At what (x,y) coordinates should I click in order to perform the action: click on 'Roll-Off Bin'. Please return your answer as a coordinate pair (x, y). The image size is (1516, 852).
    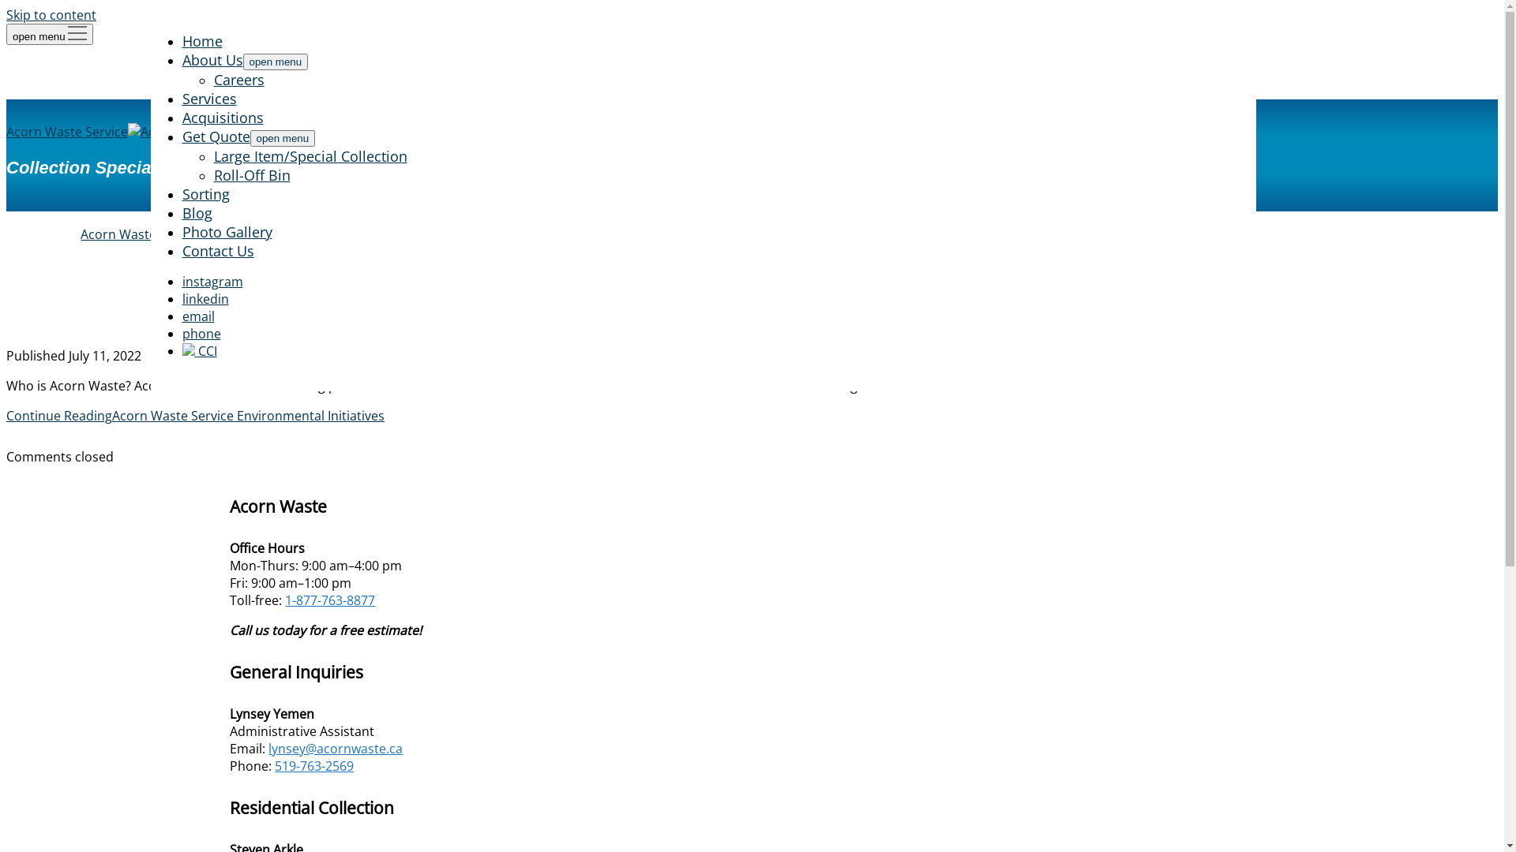
    Looking at the image, I should click on (250, 175).